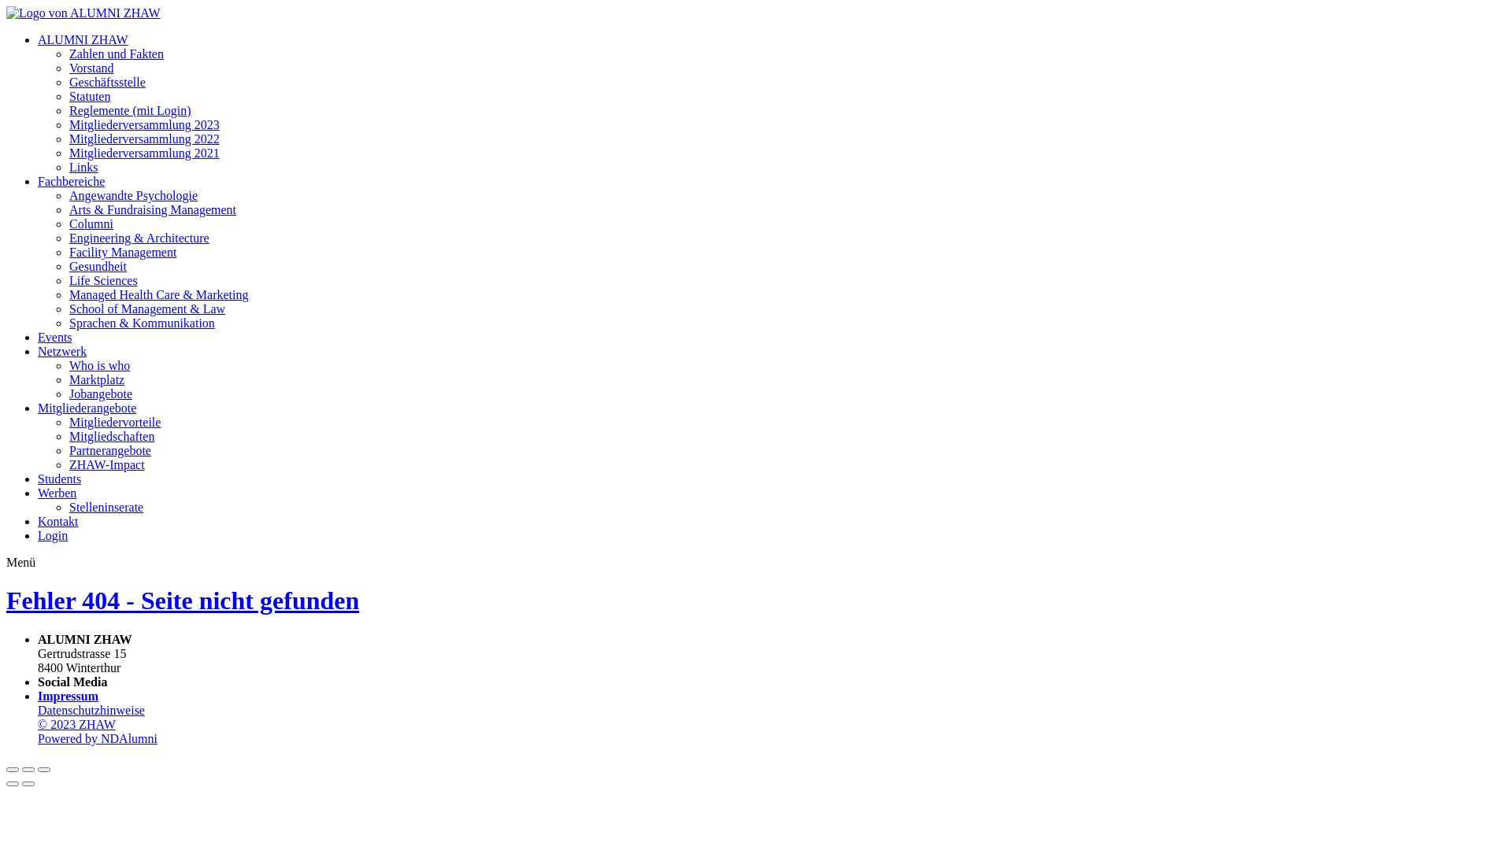 The image size is (1512, 850). What do you see at coordinates (102, 279) in the screenshot?
I see `'Life Sciences'` at bounding box center [102, 279].